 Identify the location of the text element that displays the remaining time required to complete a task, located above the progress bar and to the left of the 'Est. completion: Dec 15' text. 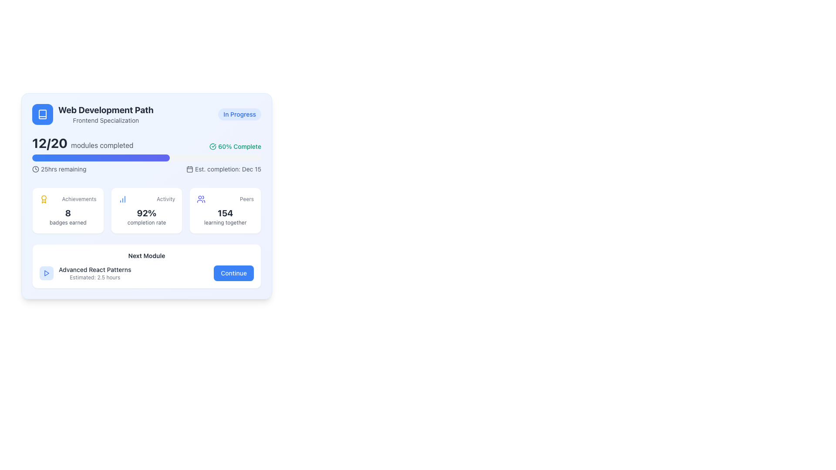
(59, 169).